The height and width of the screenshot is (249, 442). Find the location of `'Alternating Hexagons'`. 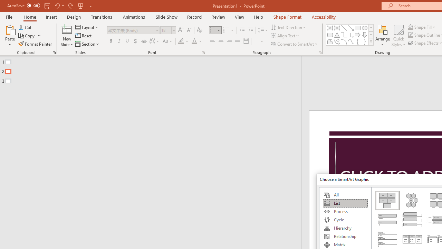

'Alternating Hexagons' is located at coordinates (412, 200).